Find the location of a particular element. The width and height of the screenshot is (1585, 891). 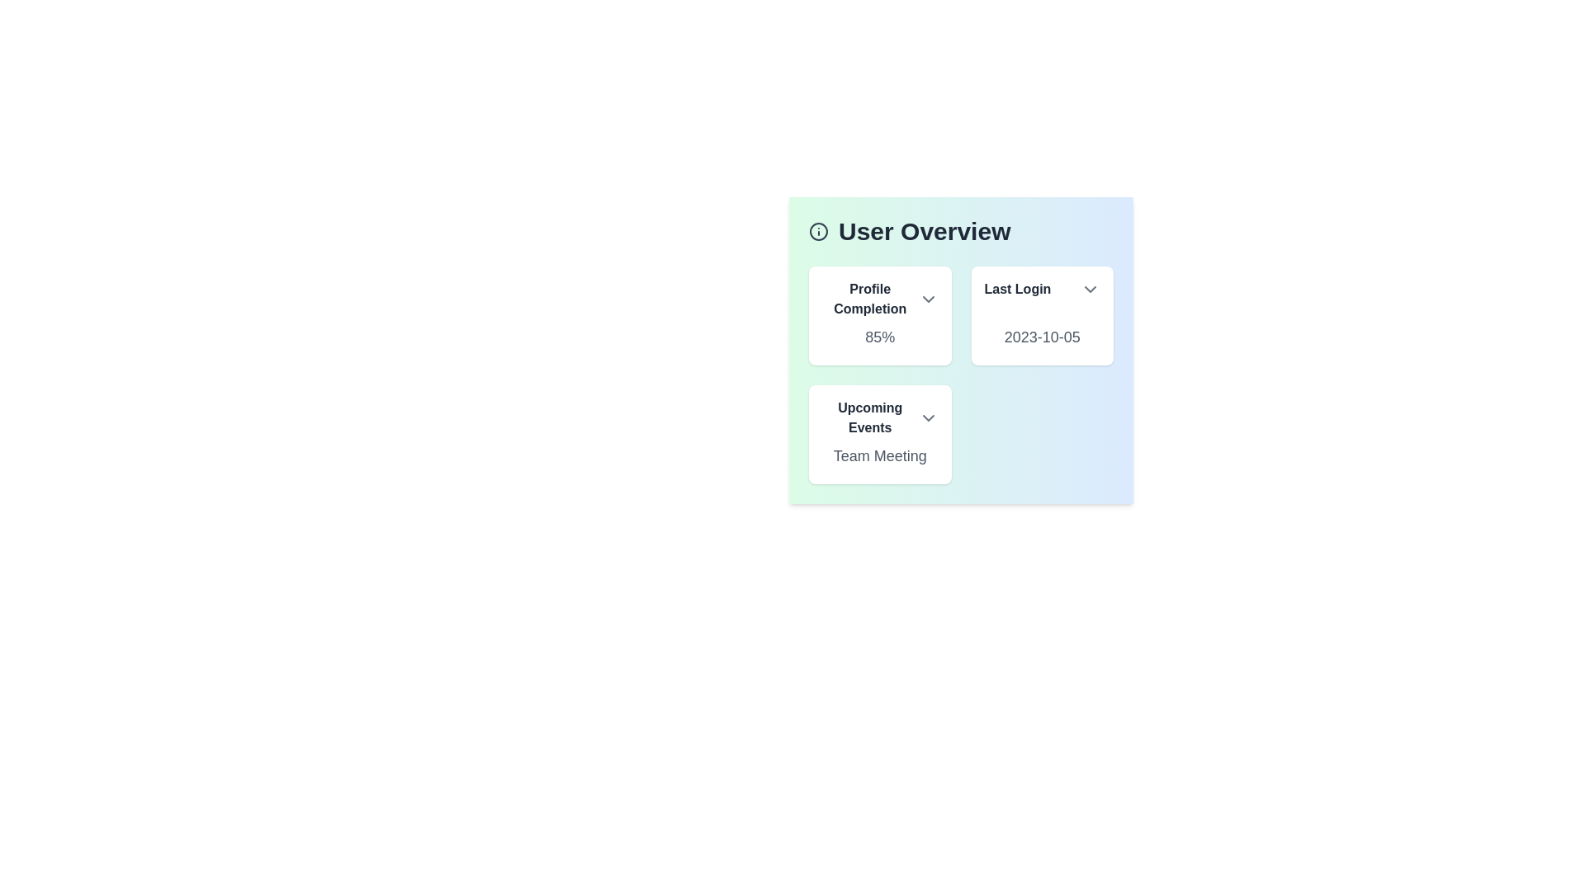

the grid layout containing cards in the 'User Overview' section is located at coordinates (961, 375).